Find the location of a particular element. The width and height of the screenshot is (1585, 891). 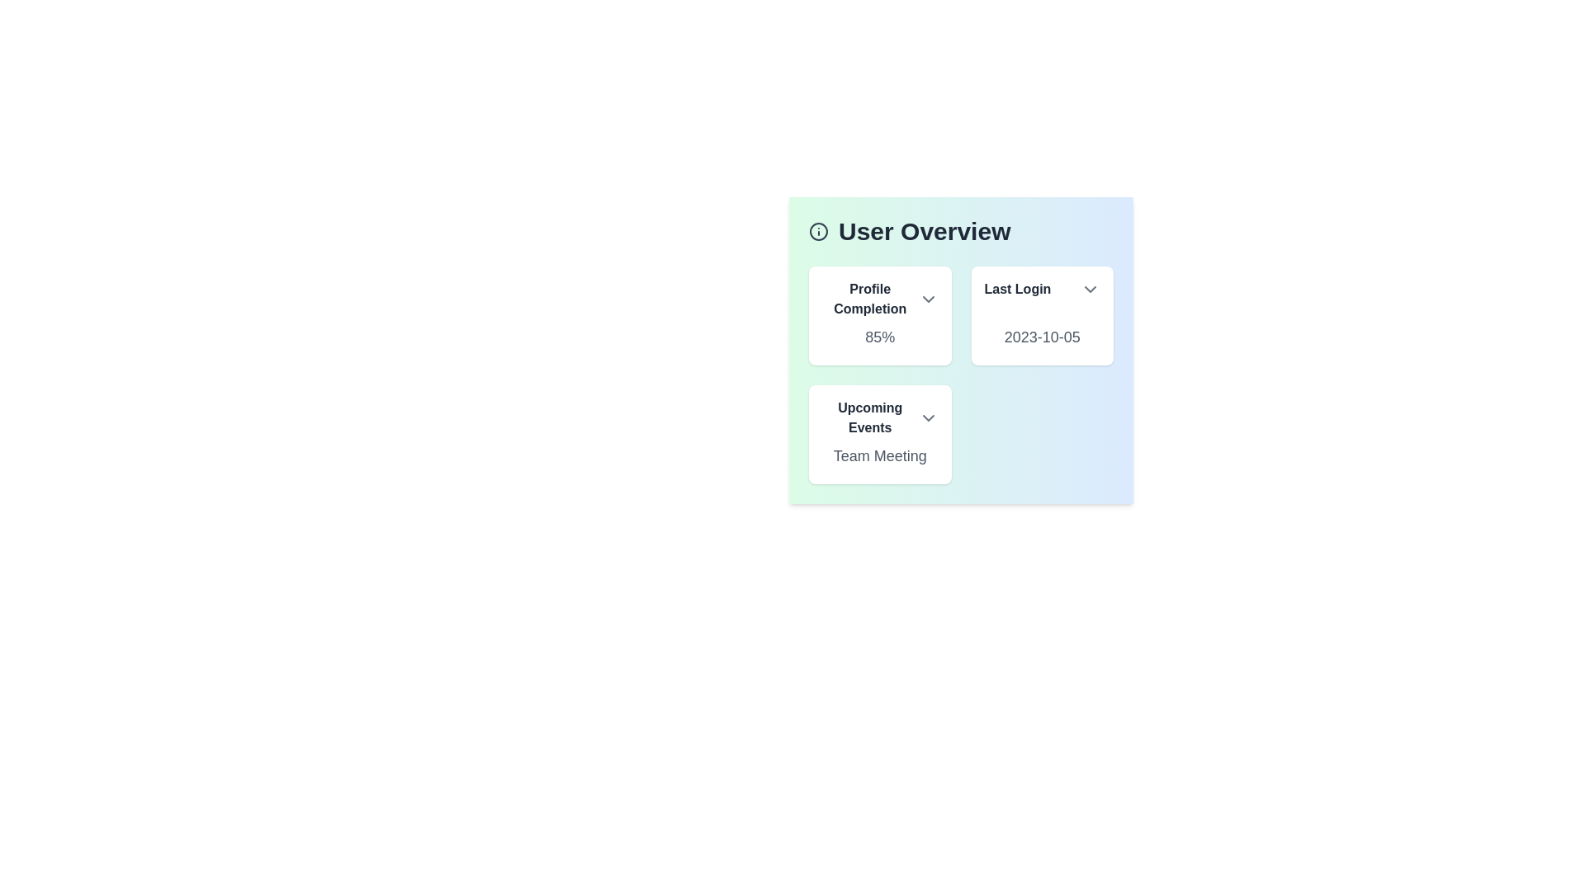

the grid layout containing cards in the 'User Overview' section is located at coordinates (961, 375).